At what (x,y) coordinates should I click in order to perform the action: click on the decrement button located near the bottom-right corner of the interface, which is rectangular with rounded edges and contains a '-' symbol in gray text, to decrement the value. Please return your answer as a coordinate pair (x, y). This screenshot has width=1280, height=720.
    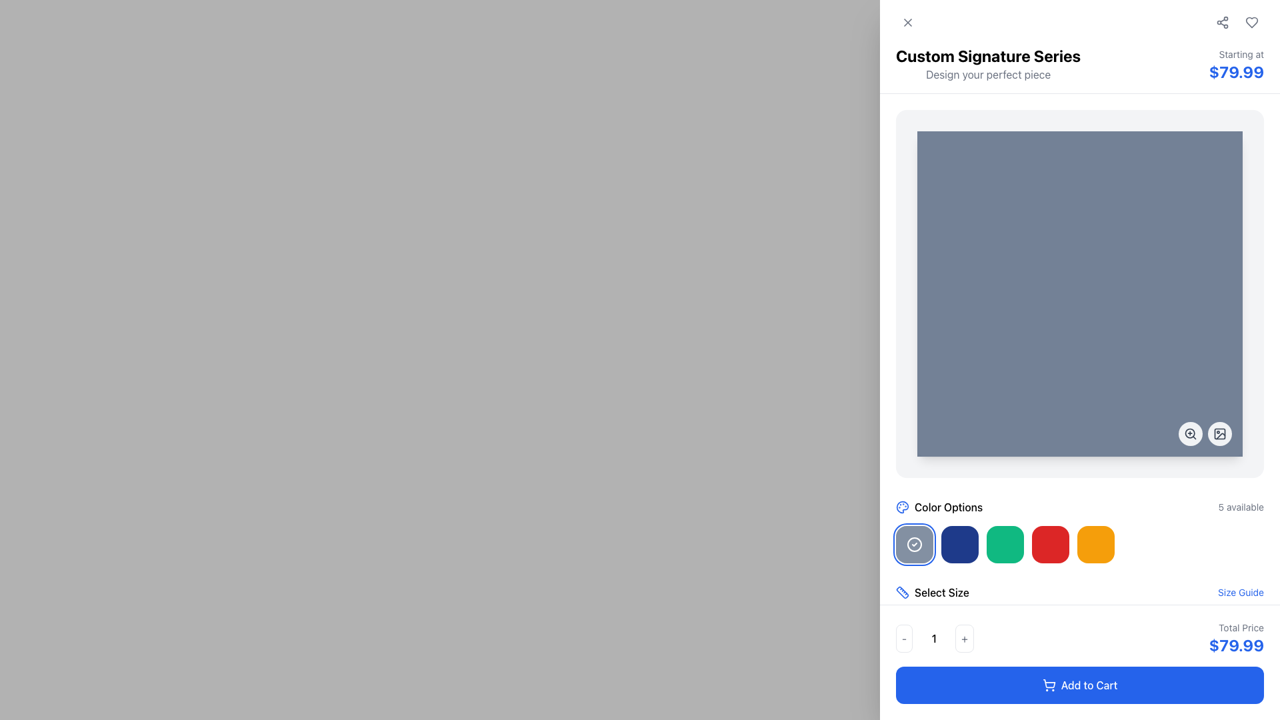
    Looking at the image, I should click on (904, 637).